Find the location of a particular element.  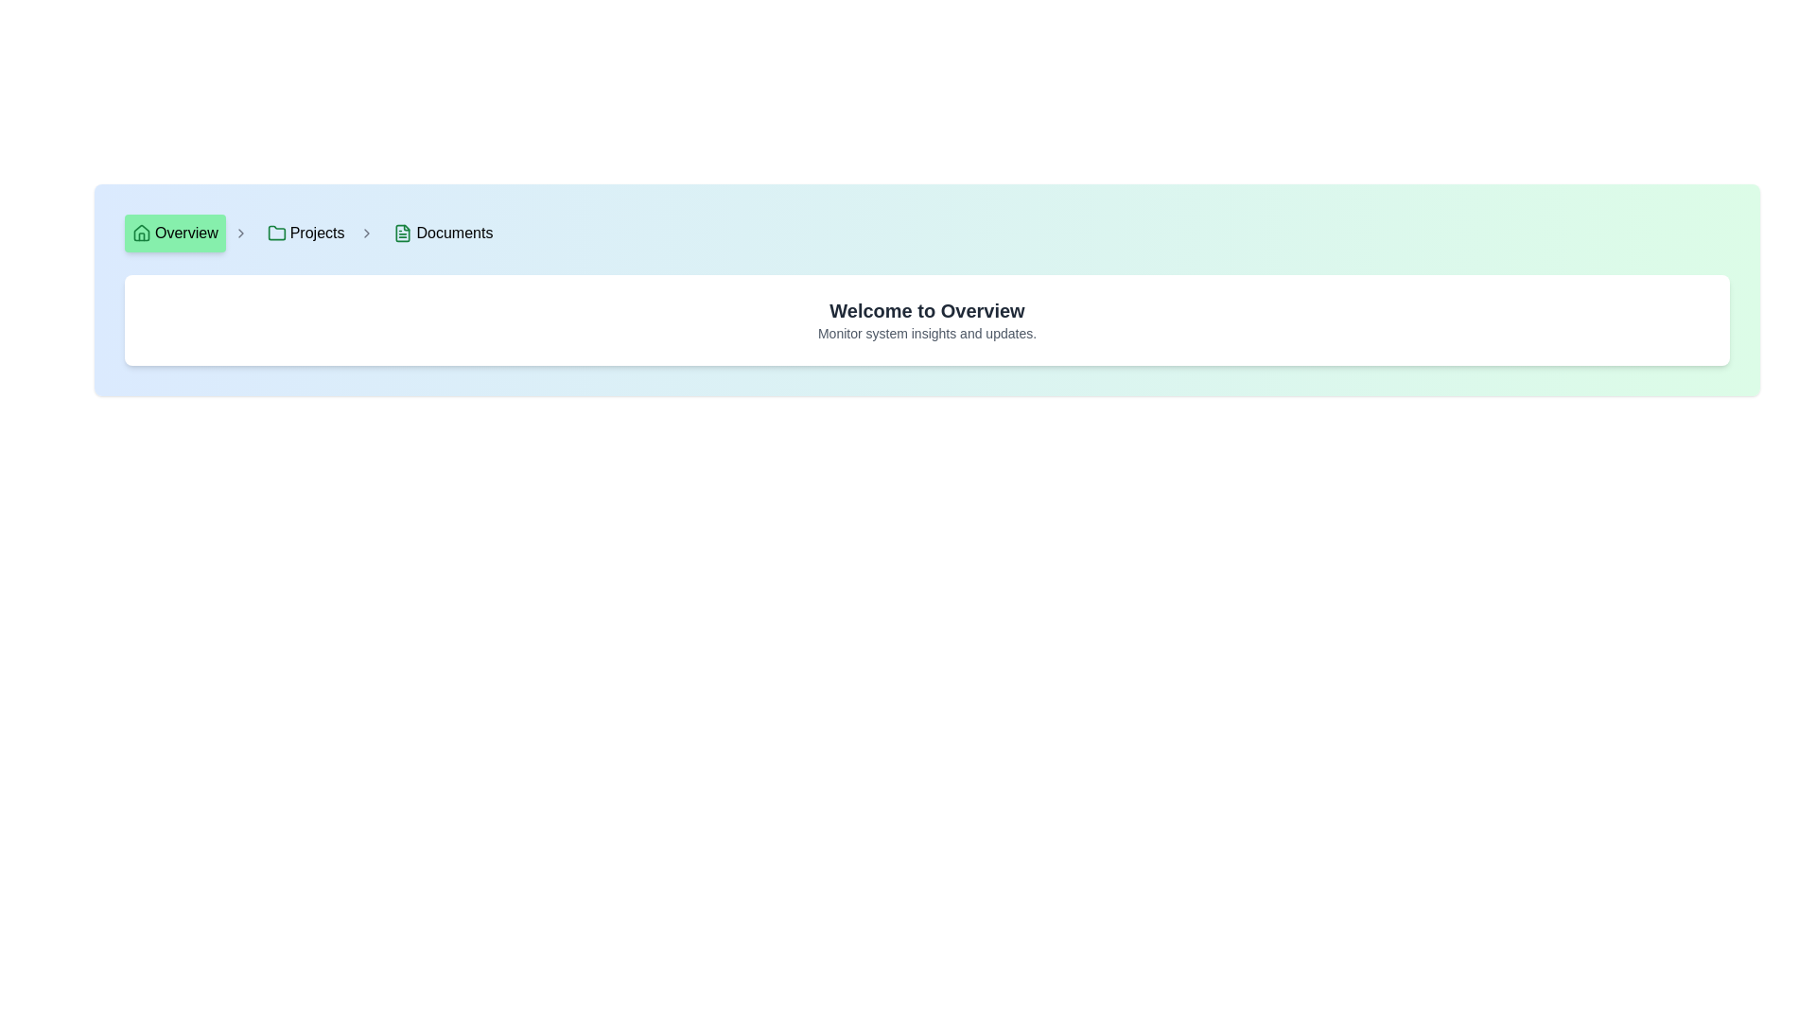

the Header with subtitle that says 'Welcome to Overview' and 'Monitor system insights and updates.' is located at coordinates (927, 320).